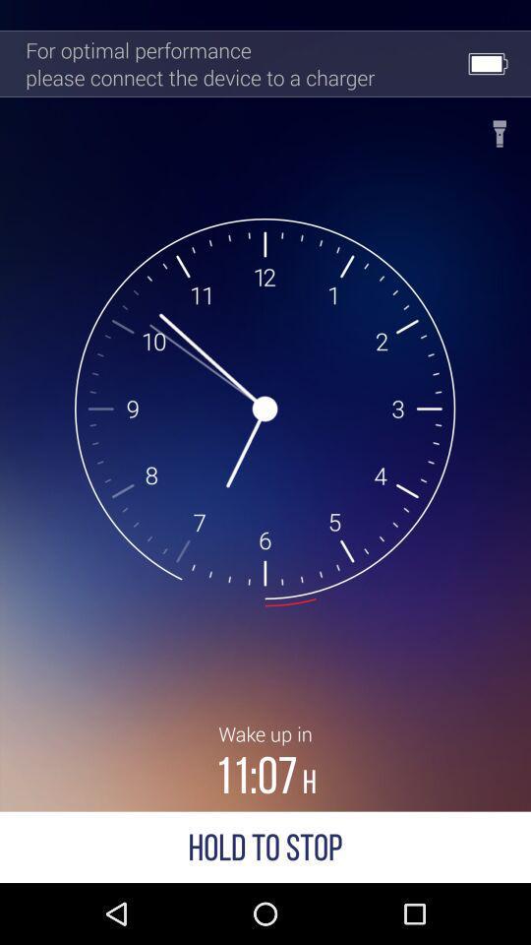 Image resolution: width=531 pixels, height=945 pixels. I want to click on turn on flash light, so click(500, 127).